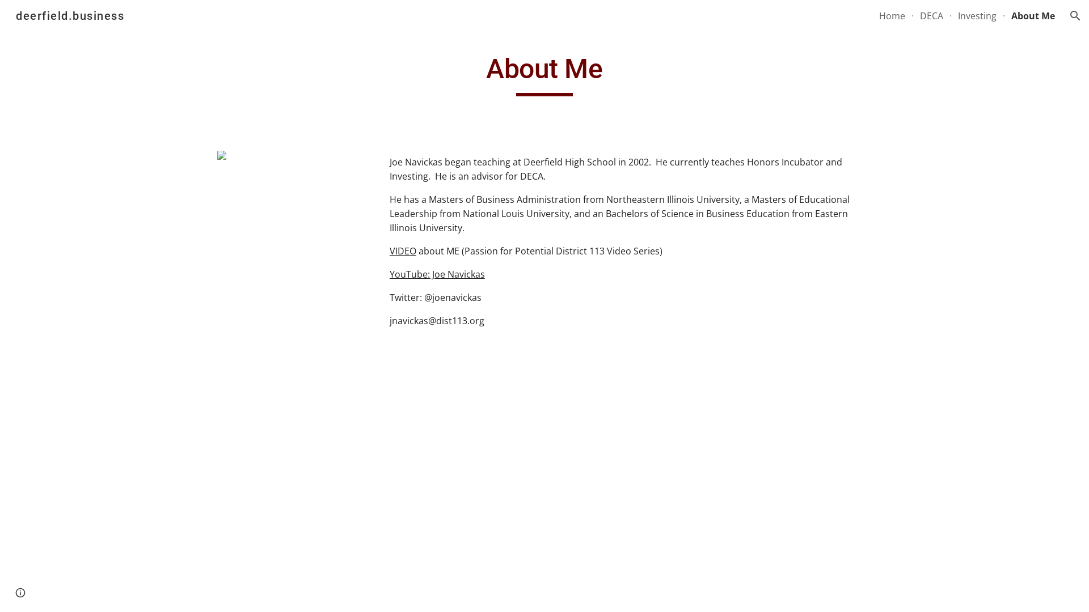 Image resolution: width=1089 pixels, height=612 pixels. I want to click on 'YouTube: Joe Navickas', so click(437, 274).